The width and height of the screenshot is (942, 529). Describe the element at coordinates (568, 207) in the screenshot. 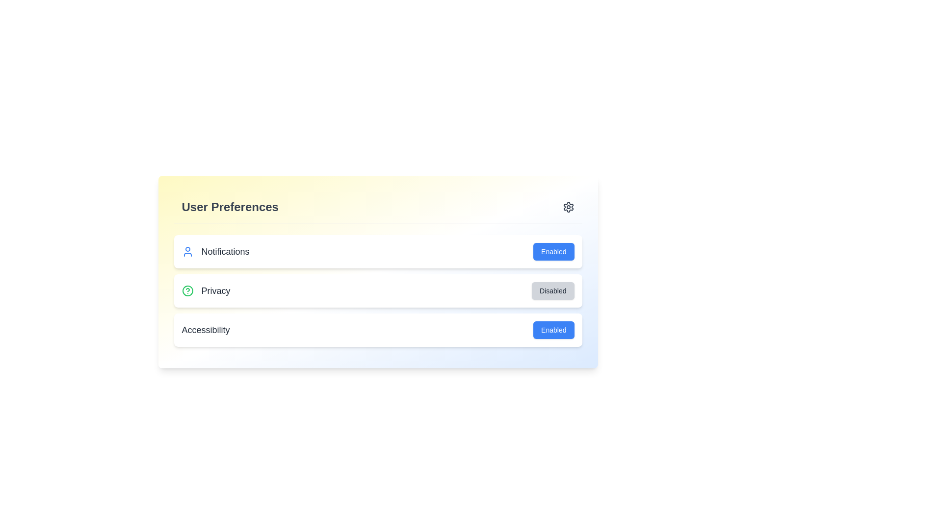

I see `the settings icon in the header` at that location.